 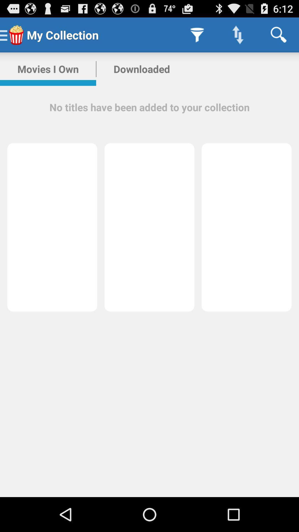 I want to click on icon next to the movies i own item, so click(x=141, y=69).